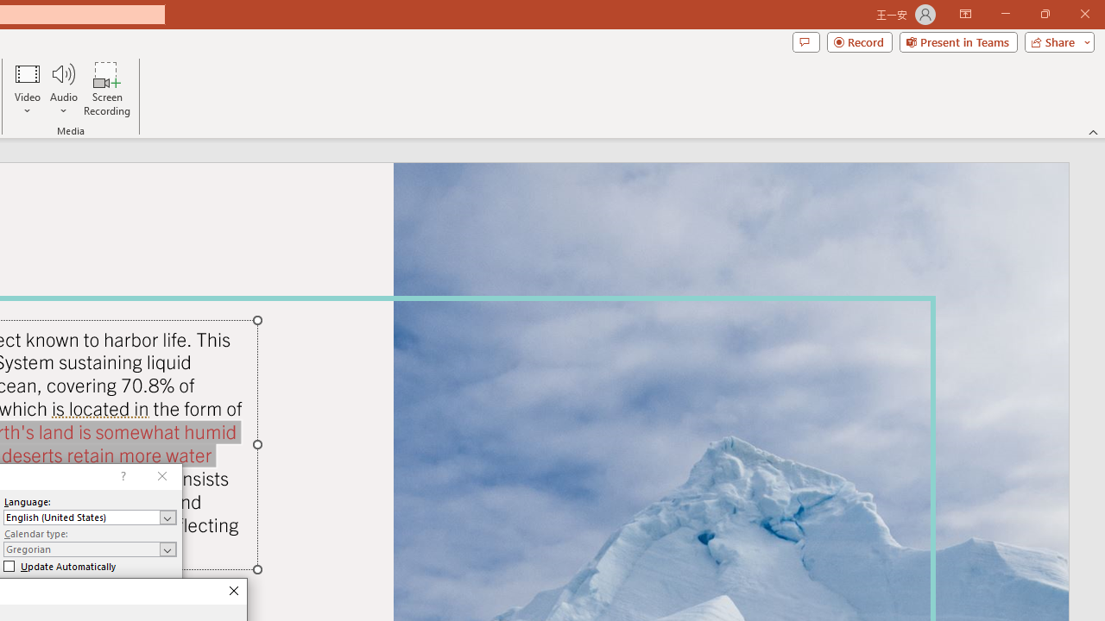  Describe the element at coordinates (1005, 14) in the screenshot. I see `'Minimize'` at that location.